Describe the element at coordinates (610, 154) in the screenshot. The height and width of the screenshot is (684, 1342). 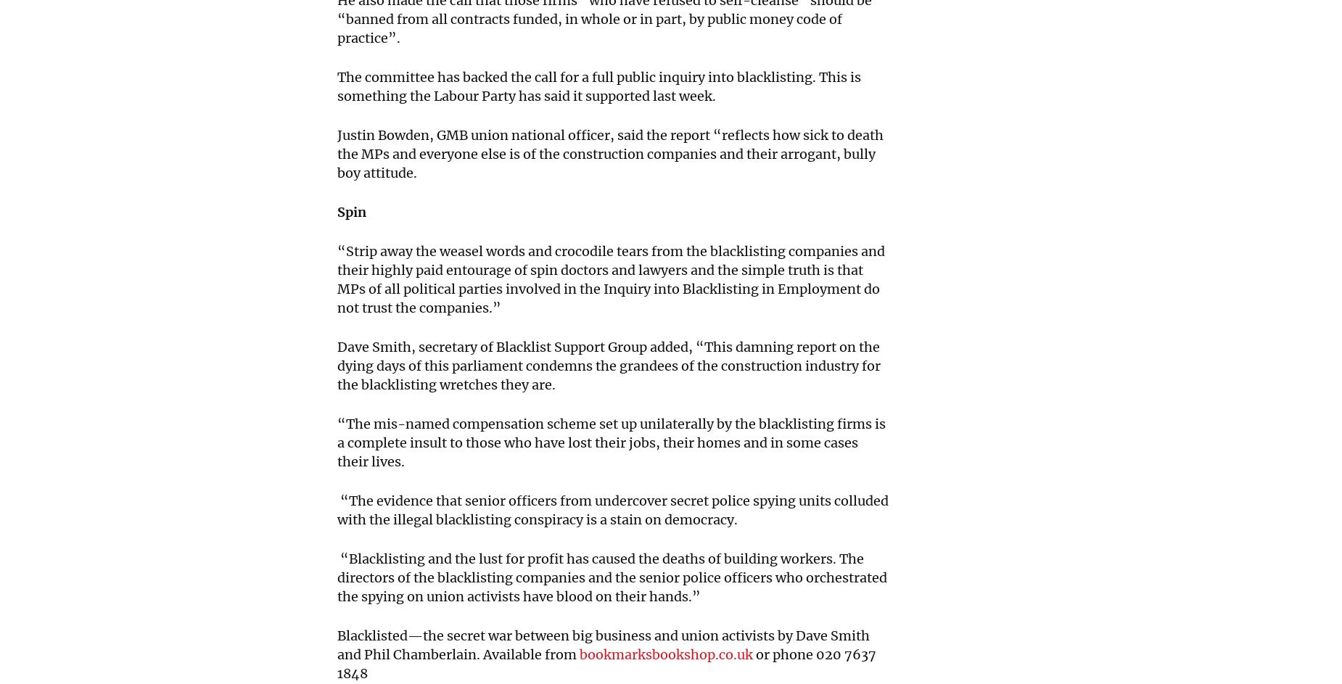
I see `'Justin Bowden, GMB union national officer, said the report “reflects how sick to death the MPs and everyone else is of the construction companies and their arrogant, bully boy attitude.'` at that location.